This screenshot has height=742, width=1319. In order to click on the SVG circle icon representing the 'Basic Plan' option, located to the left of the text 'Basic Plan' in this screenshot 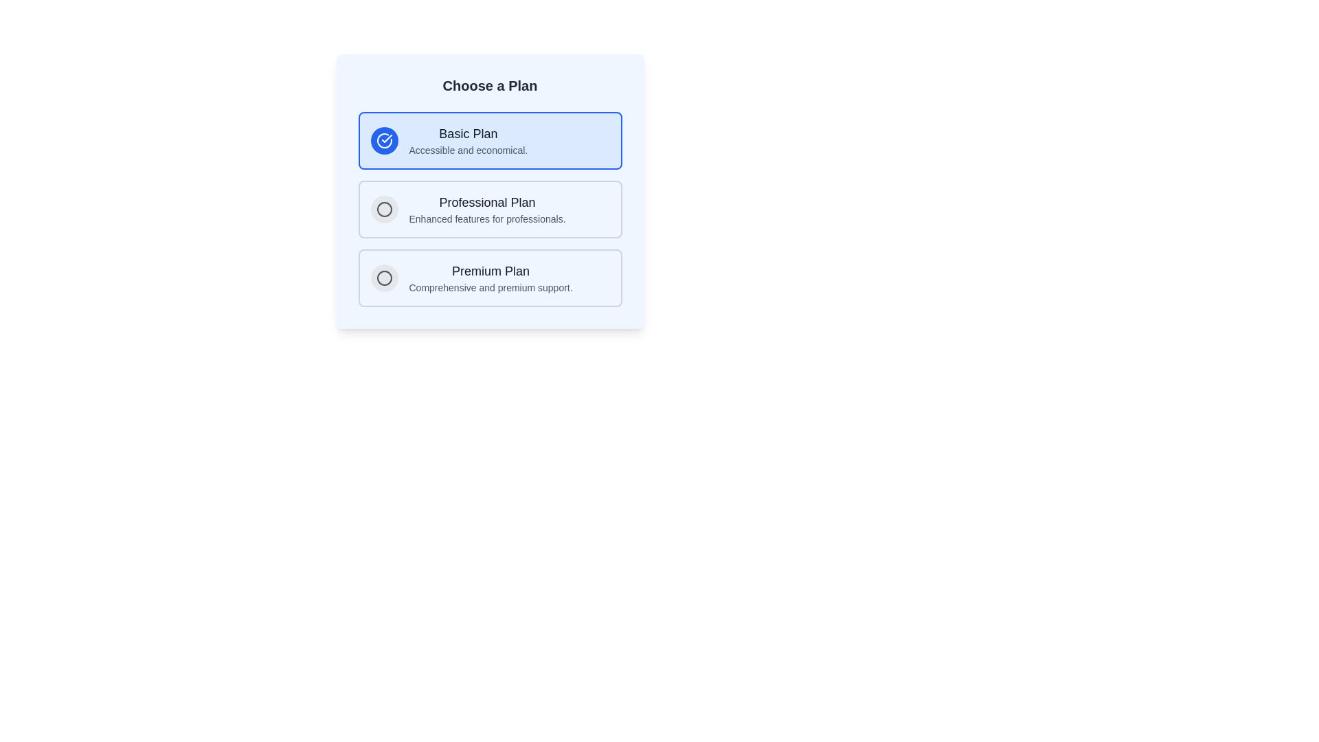, I will do `click(384, 278)`.